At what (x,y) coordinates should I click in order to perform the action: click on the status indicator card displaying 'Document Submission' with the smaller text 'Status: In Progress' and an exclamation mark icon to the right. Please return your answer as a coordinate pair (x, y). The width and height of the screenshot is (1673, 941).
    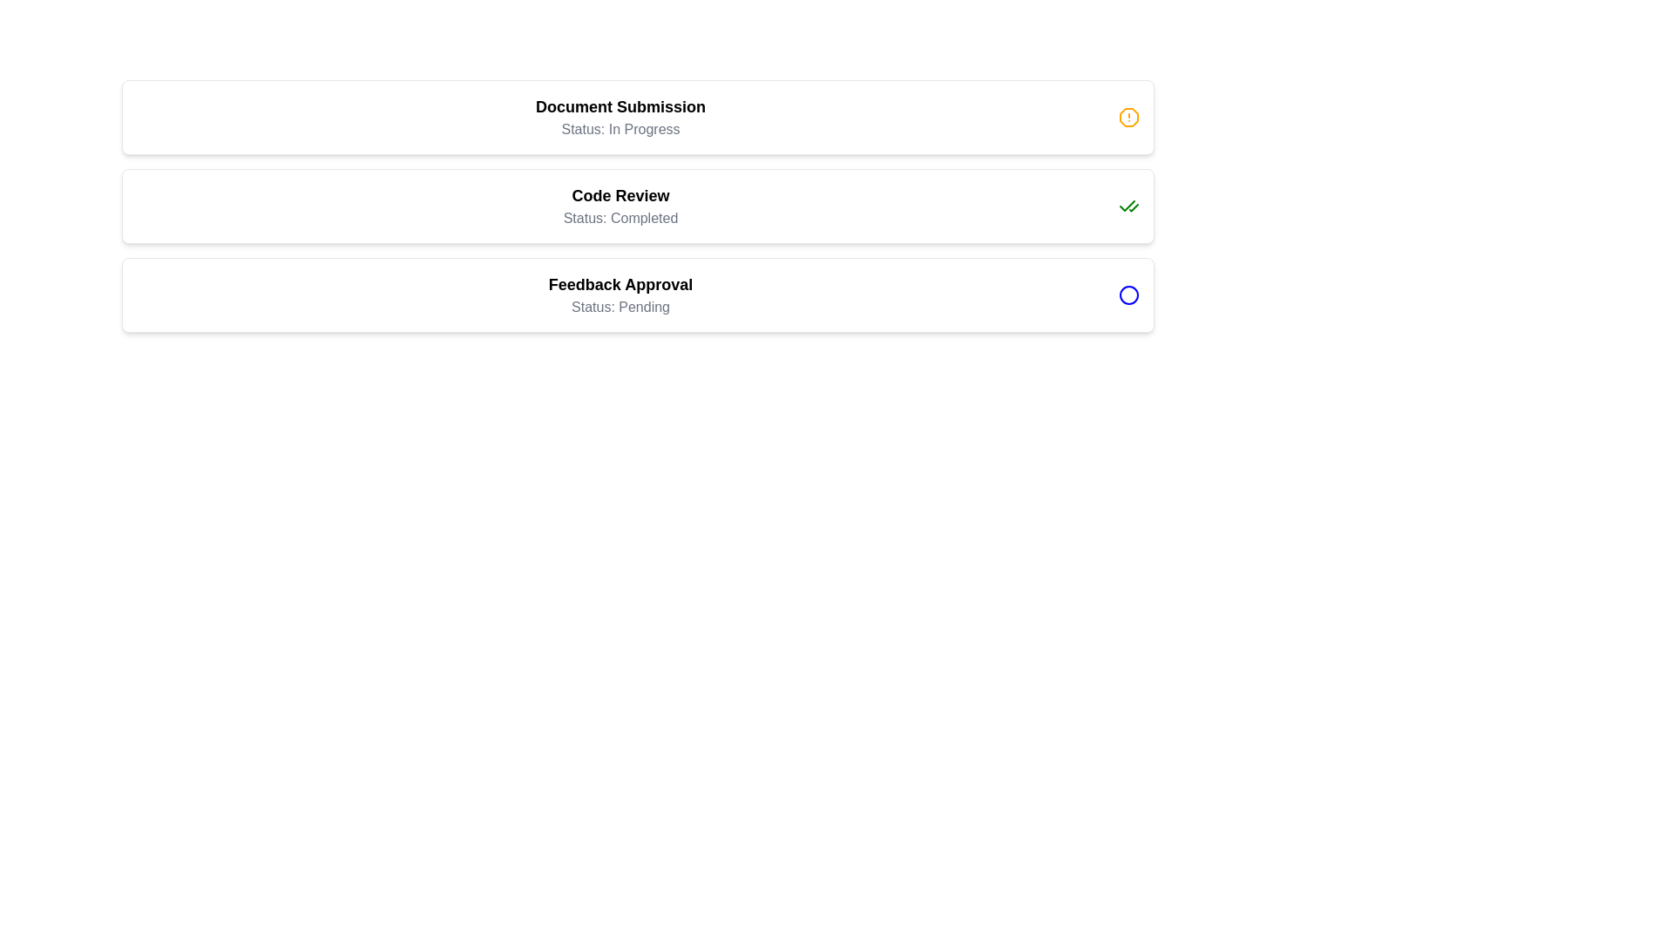
    Looking at the image, I should click on (637, 118).